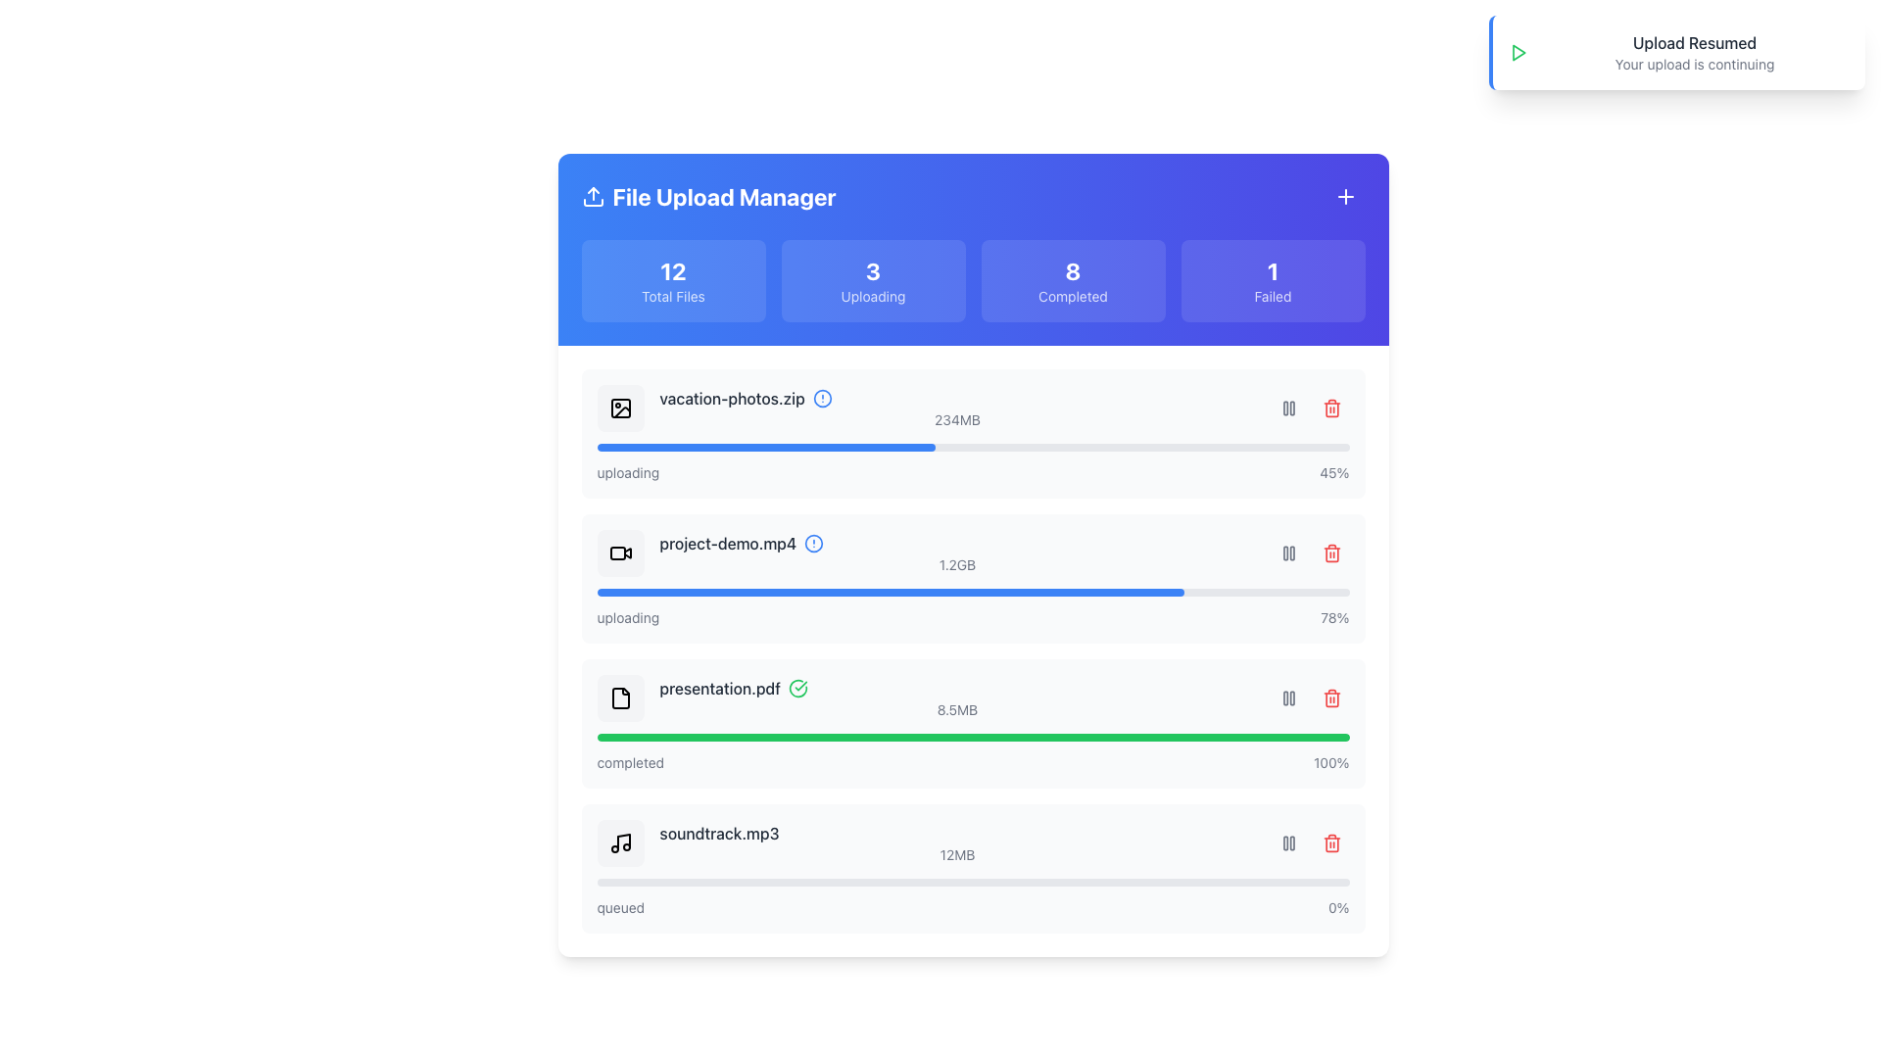 The height and width of the screenshot is (1058, 1881). What do you see at coordinates (627, 553) in the screenshot?
I see `the triangular video file icon that denotes the type of the project-demo.mp4 file in the file management interface` at bounding box center [627, 553].